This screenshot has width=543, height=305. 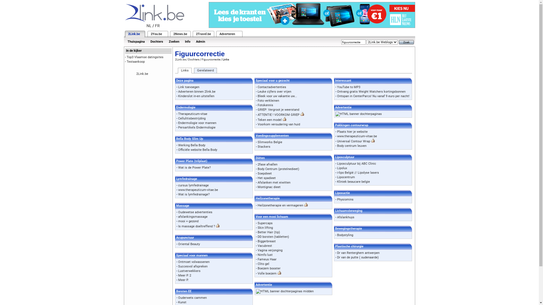 What do you see at coordinates (346, 177) in the screenshot?
I see `'Lipocentrum'` at bounding box center [346, 177].